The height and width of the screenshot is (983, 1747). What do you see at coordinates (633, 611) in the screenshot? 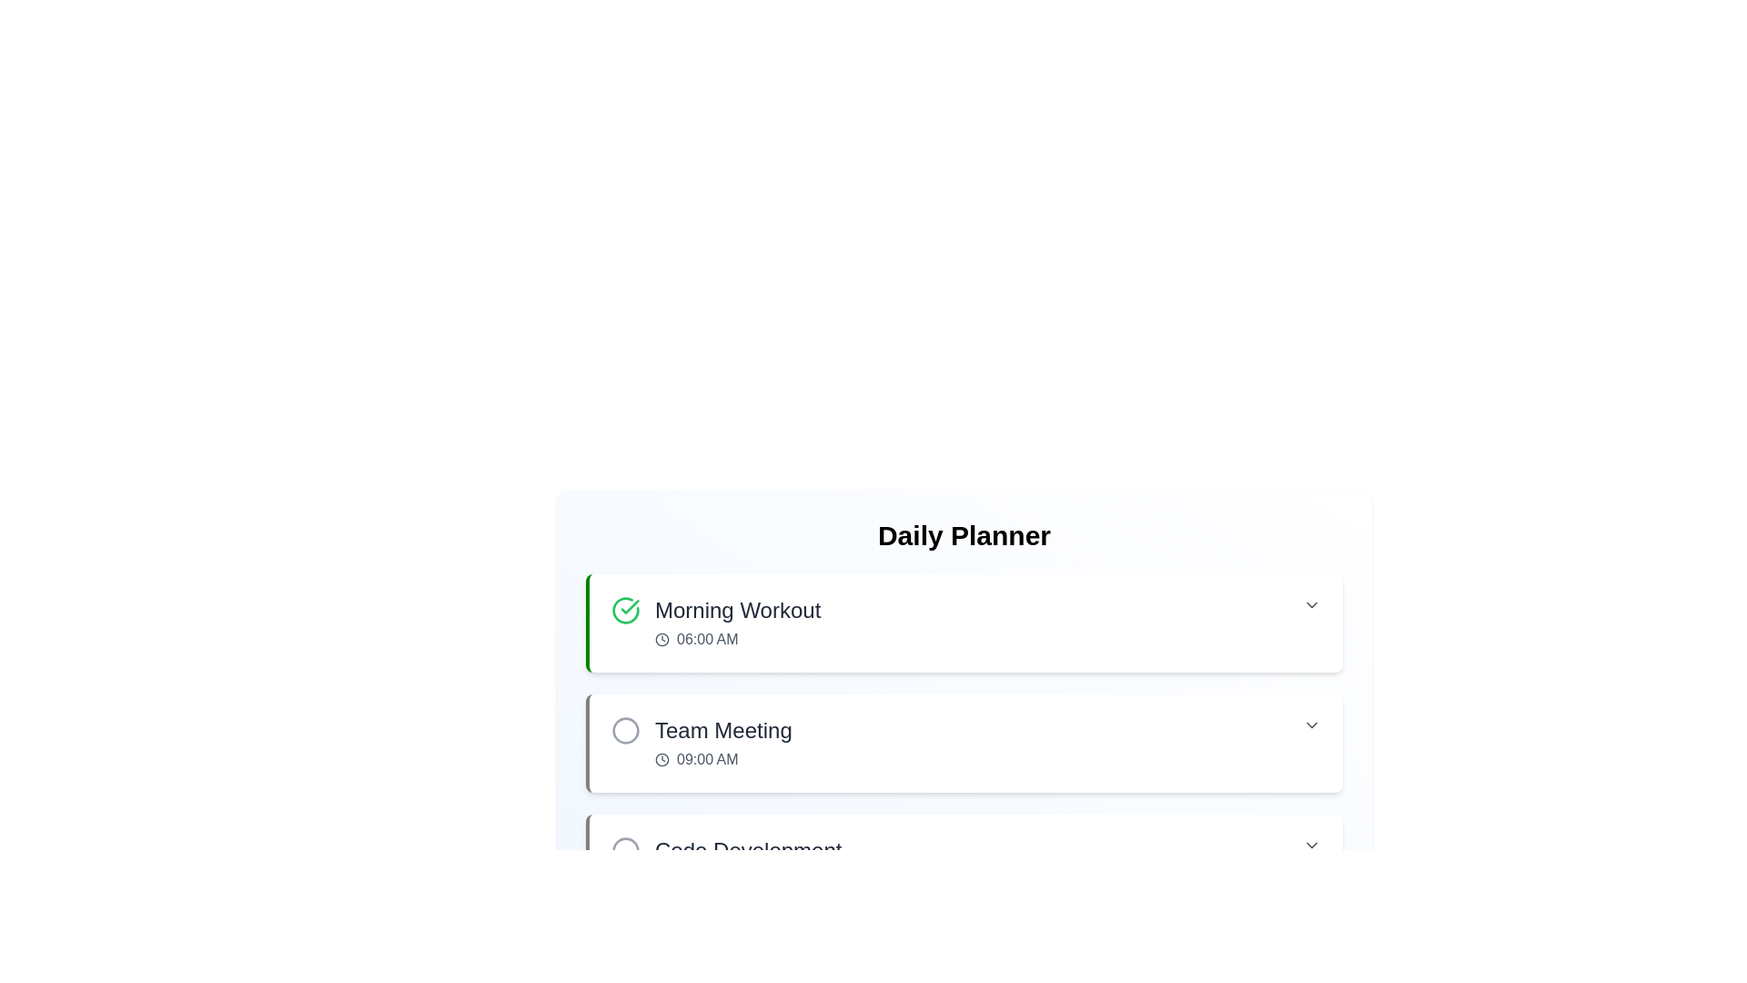
I see `the status indicator icon representing the completion status of the 'Morning Workout' event by moving the cursor to its location` at bounding box center [633, 611].